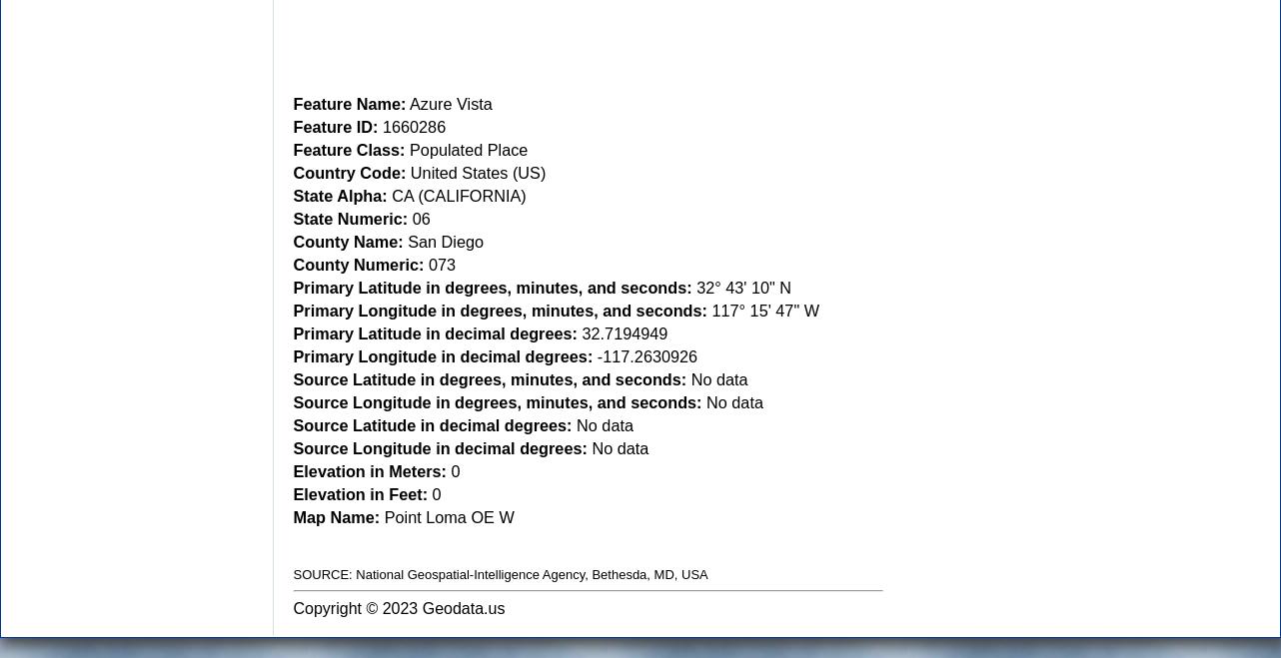 This screenshot has width=1281, height=658. I want to click on 'Populated Place', so click(403, 147).